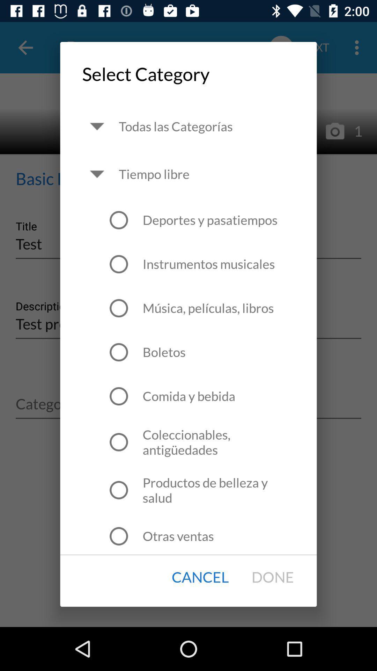 This screenshot has width=377, height=671. Describe the element at coordinates (209, 219) in the screenshot. I see `icon below tiempo libre icon` at that location.